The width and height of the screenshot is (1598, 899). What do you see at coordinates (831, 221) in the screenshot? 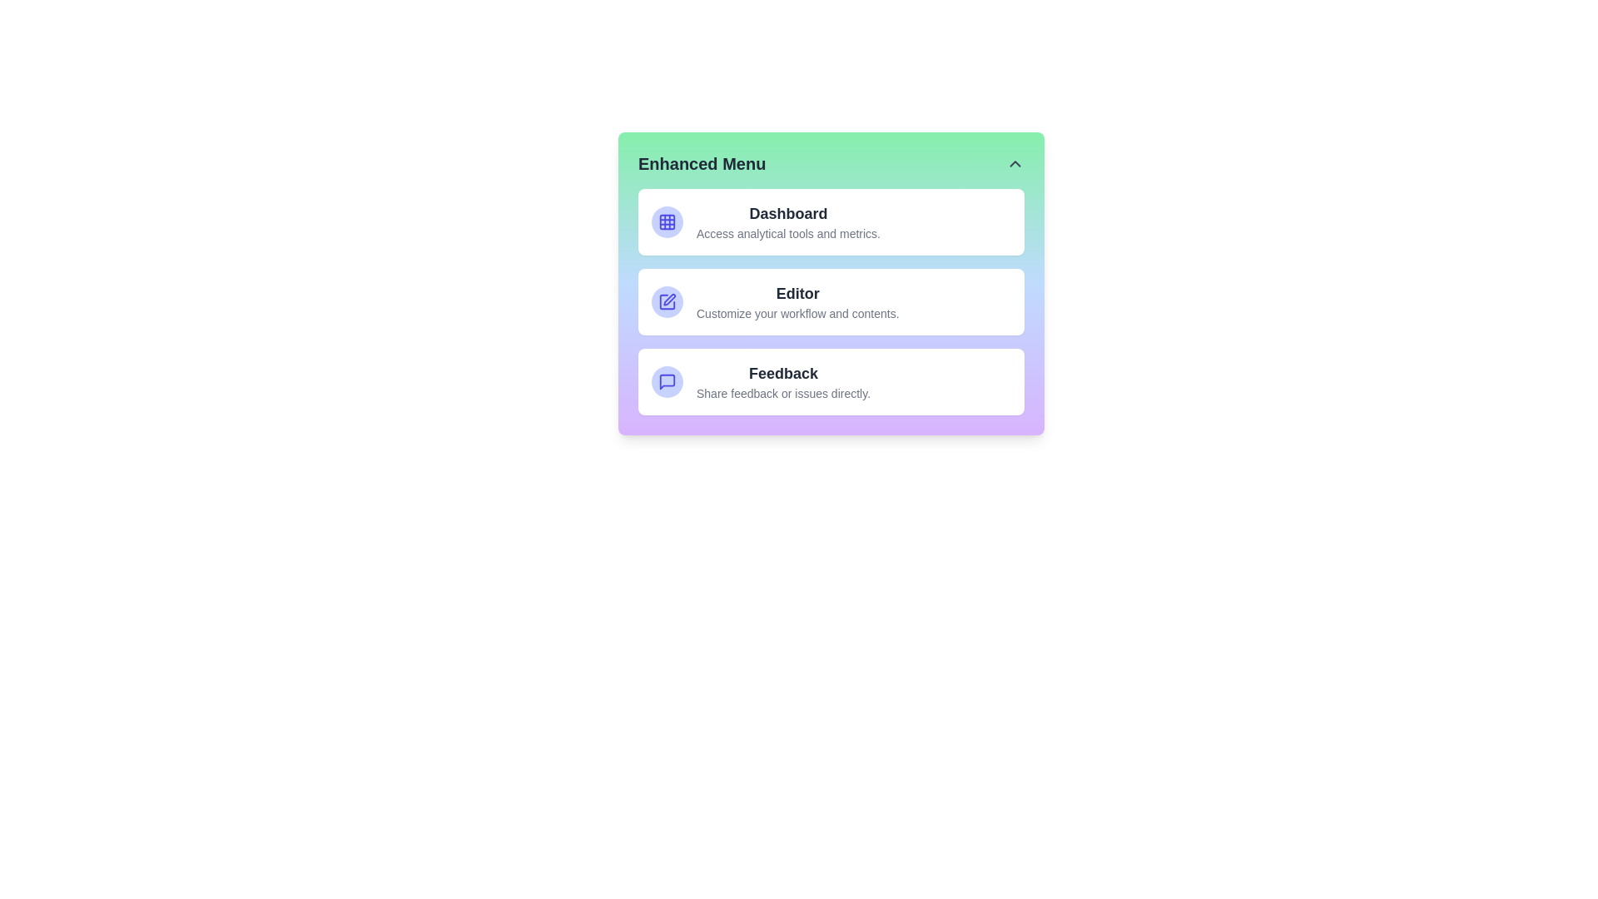
I see `the menu item corresponding to Dashboard` at bounding box center [831, 221].